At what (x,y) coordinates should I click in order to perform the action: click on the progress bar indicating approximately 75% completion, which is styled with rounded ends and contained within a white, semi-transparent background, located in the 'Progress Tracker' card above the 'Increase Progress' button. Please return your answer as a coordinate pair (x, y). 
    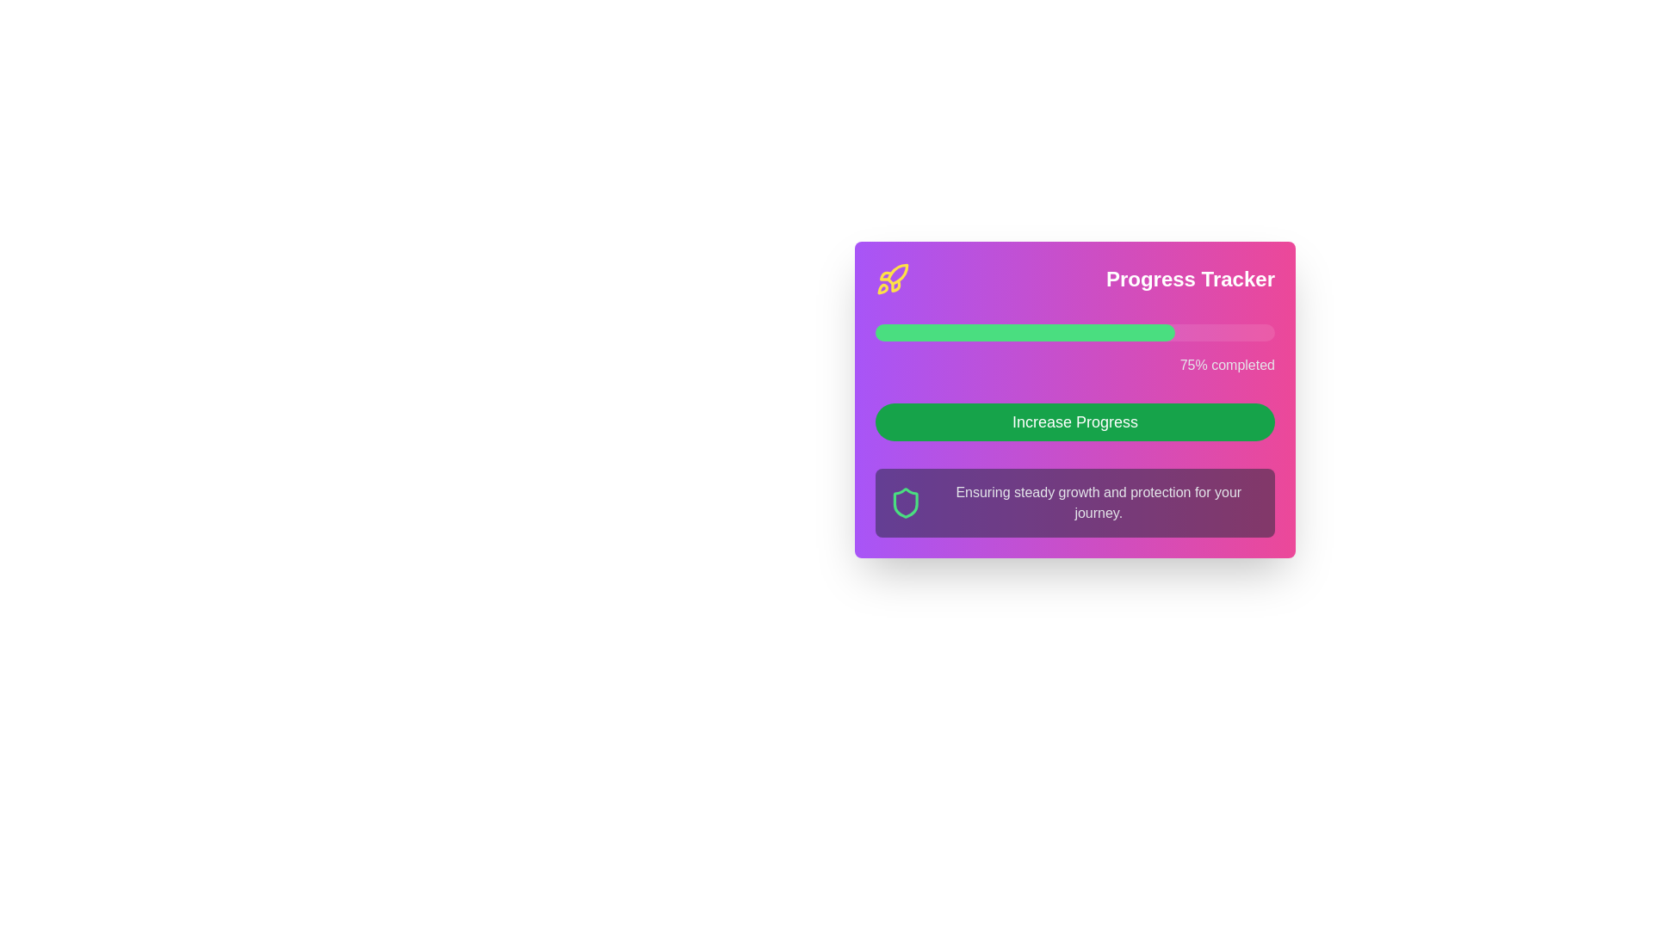
    Looking at the image, I should click on (1074, 332).